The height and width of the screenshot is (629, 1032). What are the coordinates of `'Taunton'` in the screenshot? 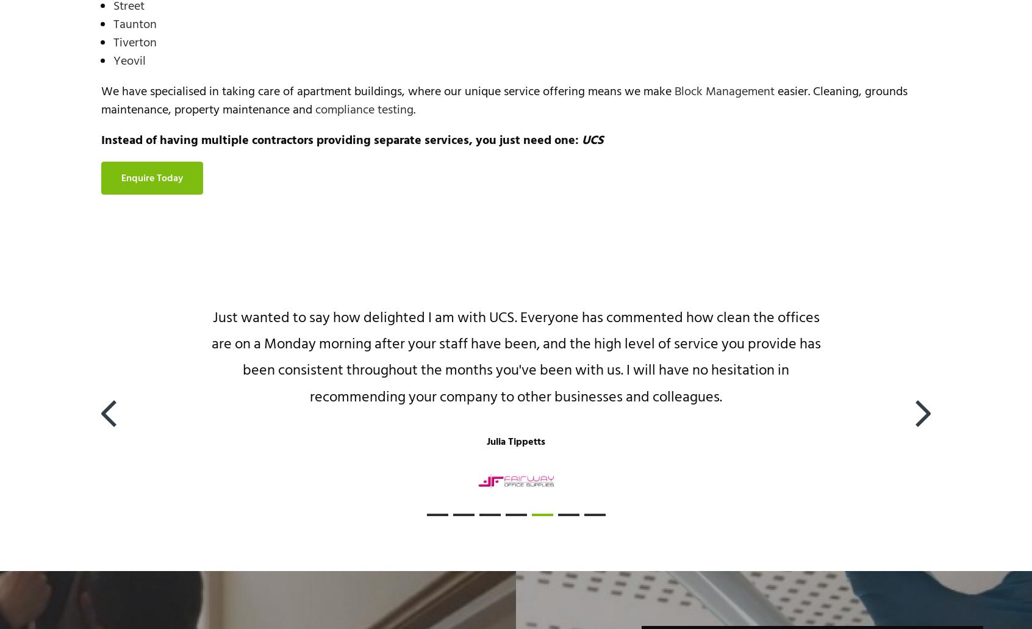 It's located at (135, 24).